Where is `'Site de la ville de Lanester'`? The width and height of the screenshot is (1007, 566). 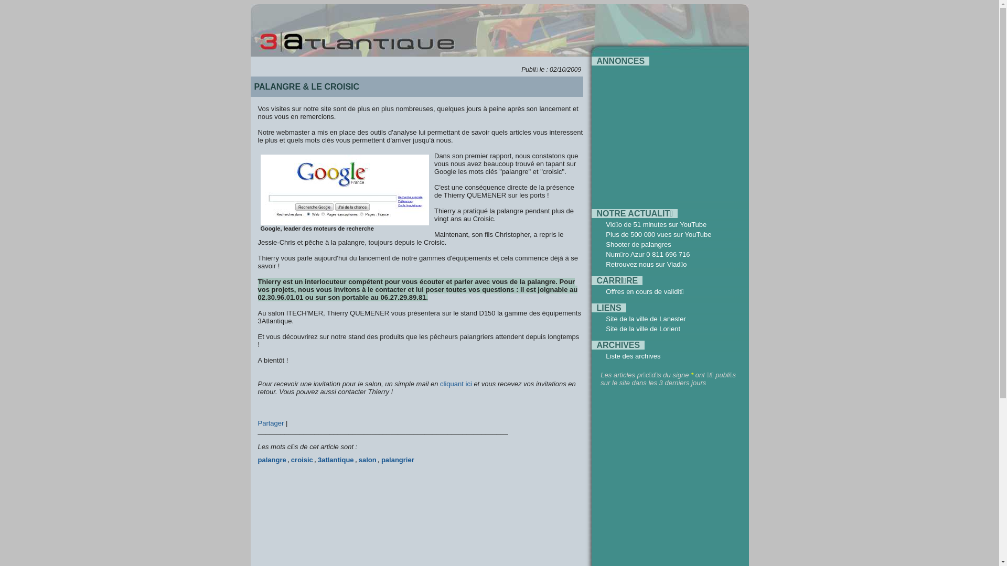 'Site de la ville de Lanester' is located at coordinates (606, 318).